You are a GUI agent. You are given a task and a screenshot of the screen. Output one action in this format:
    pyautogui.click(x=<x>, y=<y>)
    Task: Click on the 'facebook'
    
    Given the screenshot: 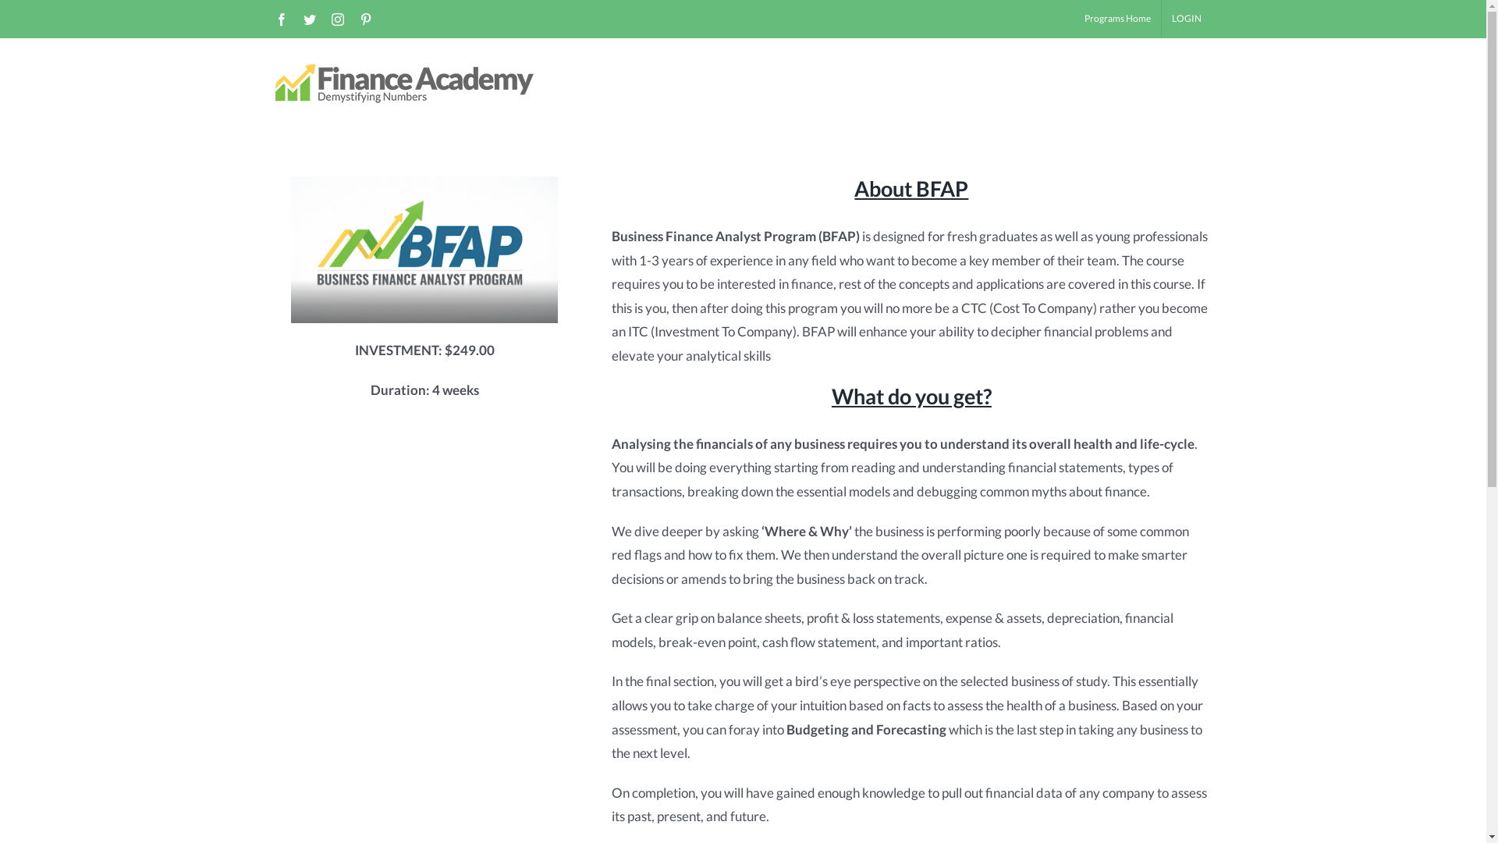 What is the action you would take?
    pyautogui.click(x=281, y=18)
    